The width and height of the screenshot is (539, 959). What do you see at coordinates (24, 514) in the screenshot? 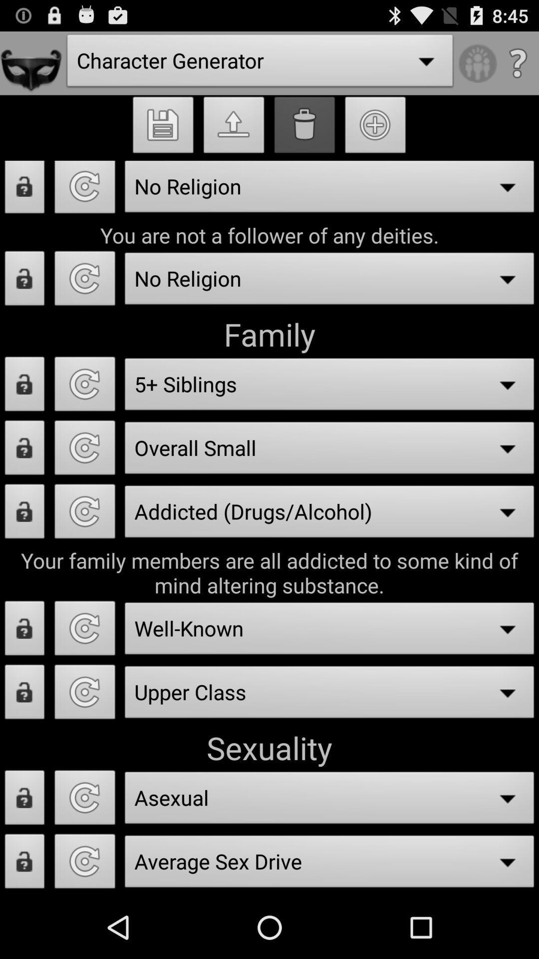
I see `lock option` at bounding box center [24, 514].